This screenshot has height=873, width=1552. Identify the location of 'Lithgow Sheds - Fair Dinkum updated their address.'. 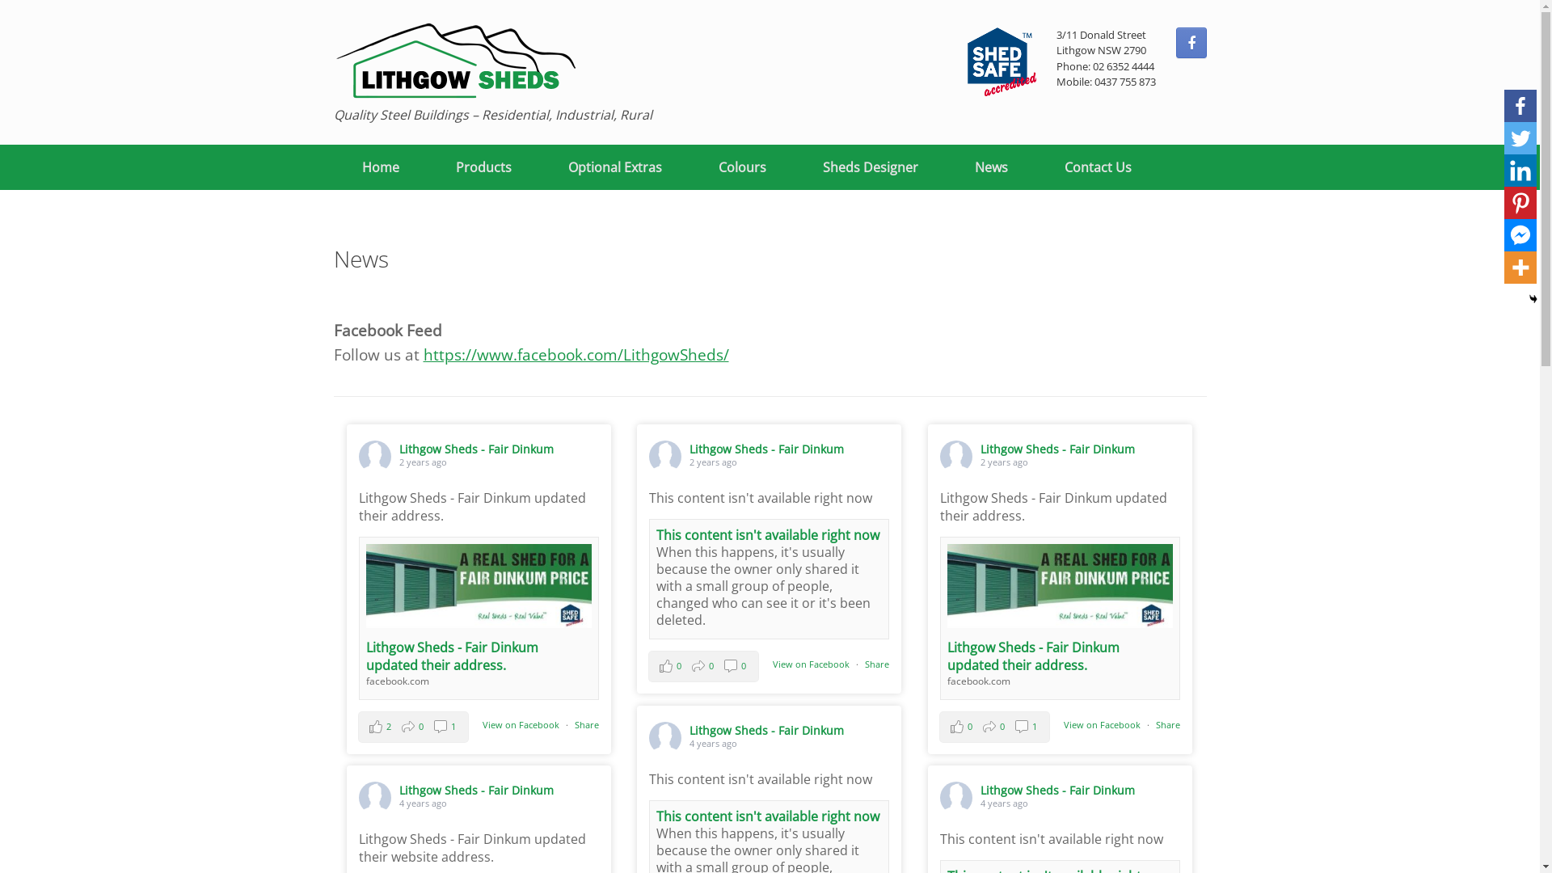
(1032, 656).